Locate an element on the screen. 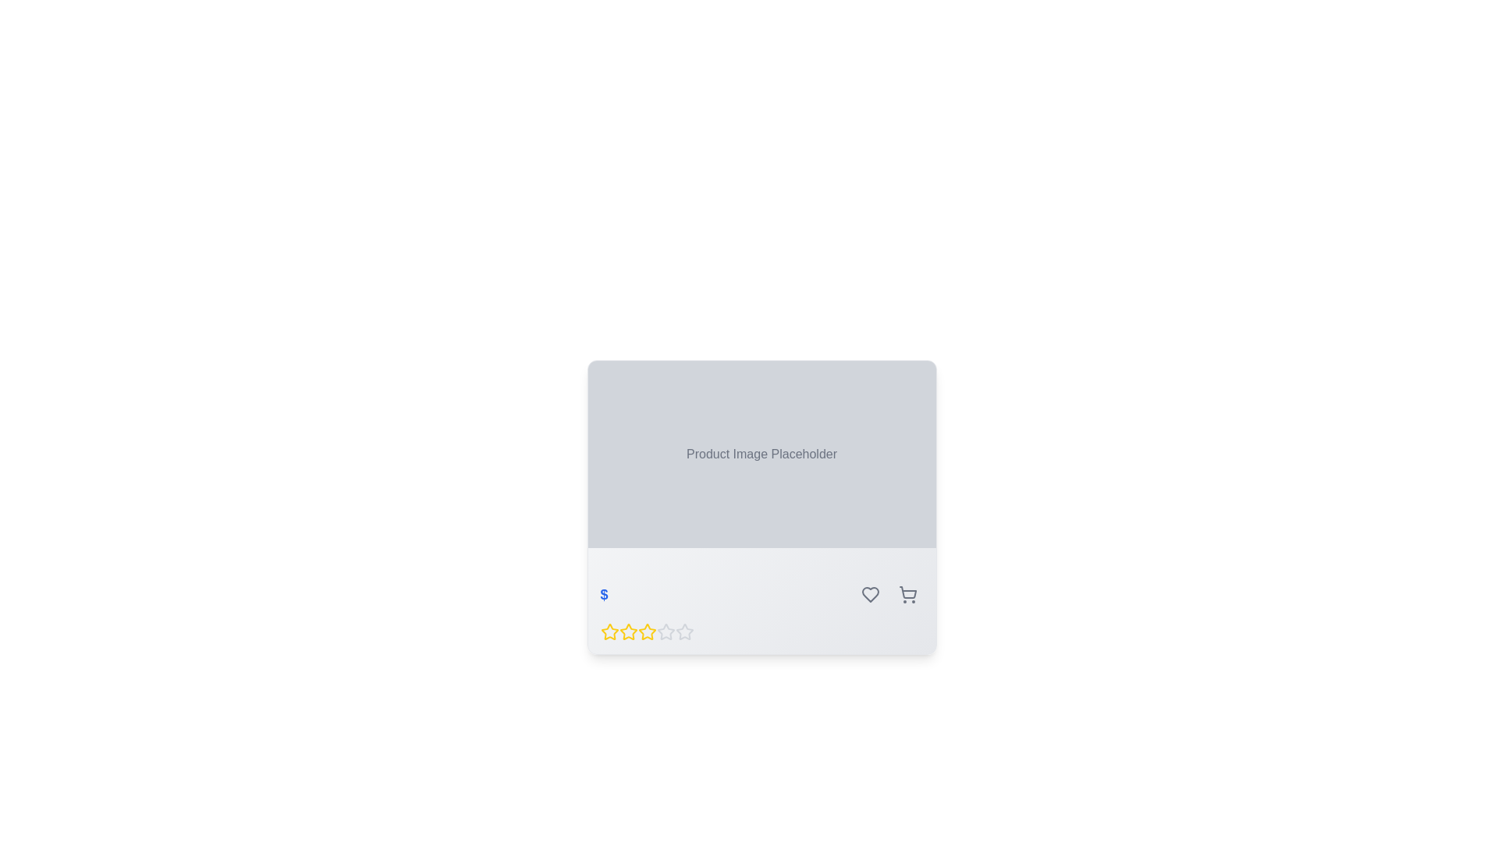 The width and height of the screenshot is (1498, 842). the second star icon in the horizontal sequence of five stars at the bottom-left of the card to rate it is located at coordinates (628, 631).